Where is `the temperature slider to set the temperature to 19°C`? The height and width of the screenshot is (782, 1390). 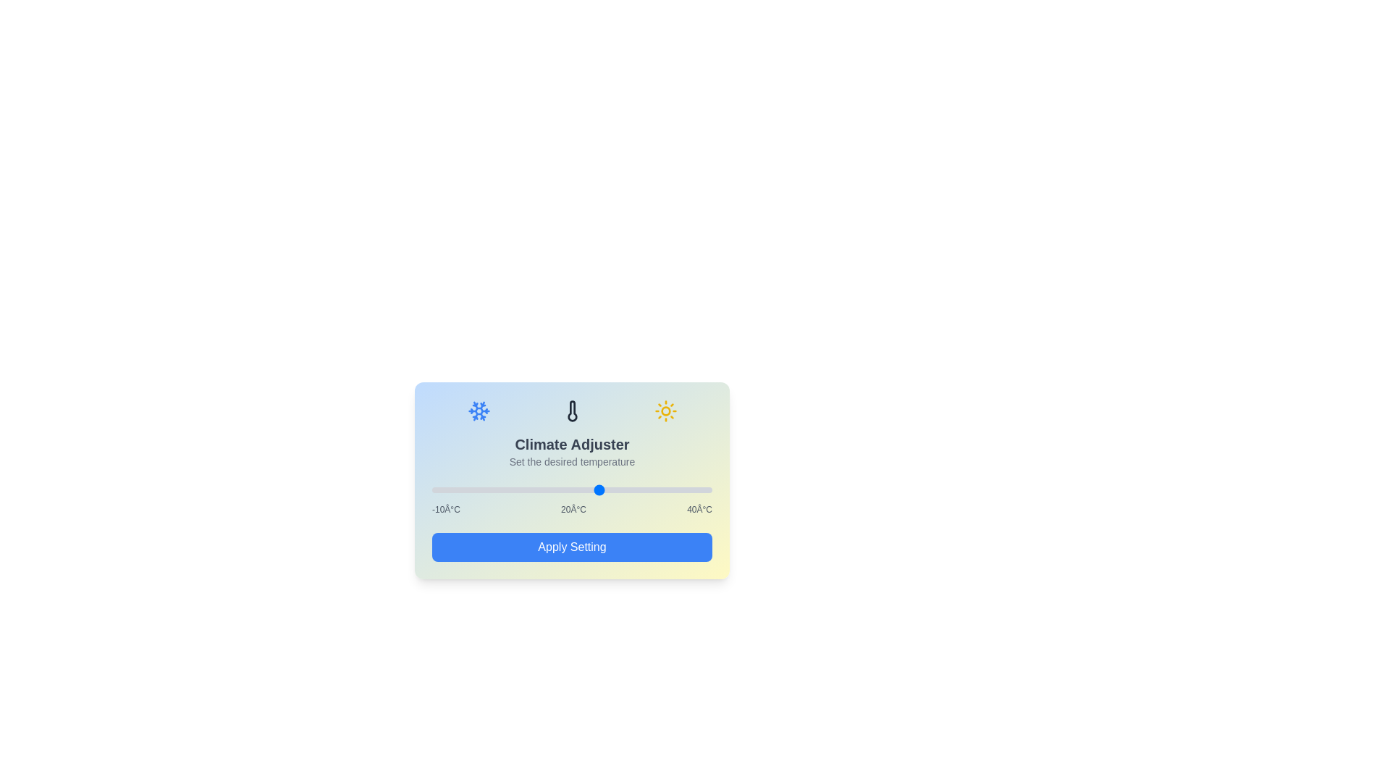 the temperature slider to set the temperature to 19°C is located at coordinates (594, 489).